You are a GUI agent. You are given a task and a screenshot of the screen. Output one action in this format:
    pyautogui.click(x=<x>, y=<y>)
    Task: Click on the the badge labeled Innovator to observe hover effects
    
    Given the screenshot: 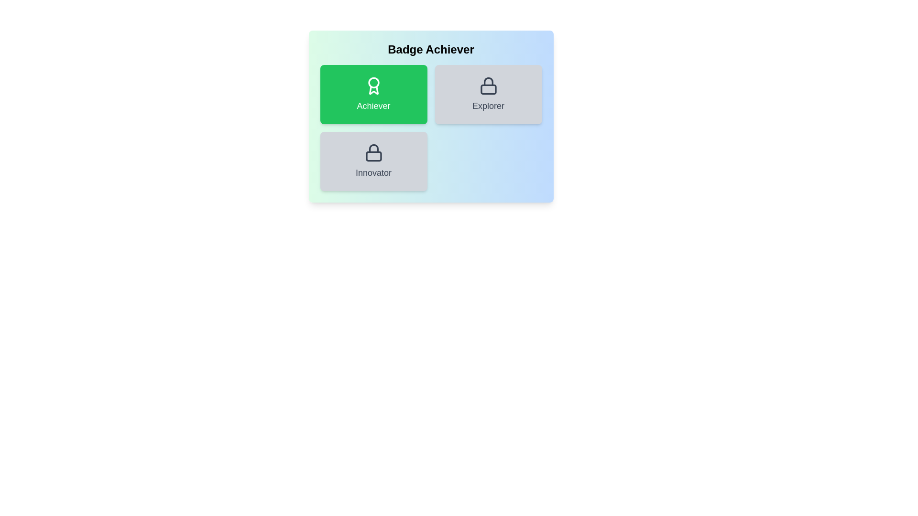 What is the action you would take?
    pyautogui.click(x=373, y=161)
    